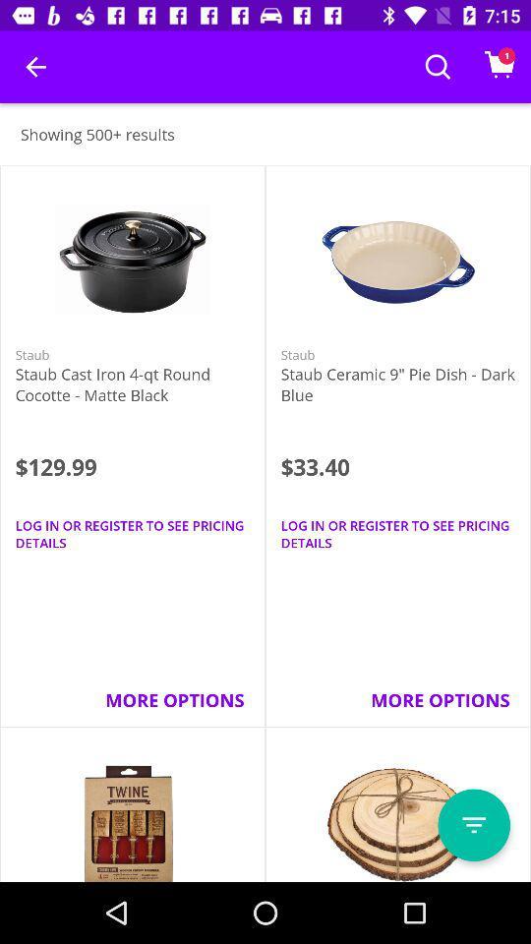  I want to click on adjust the informations page, so click(473, 825).